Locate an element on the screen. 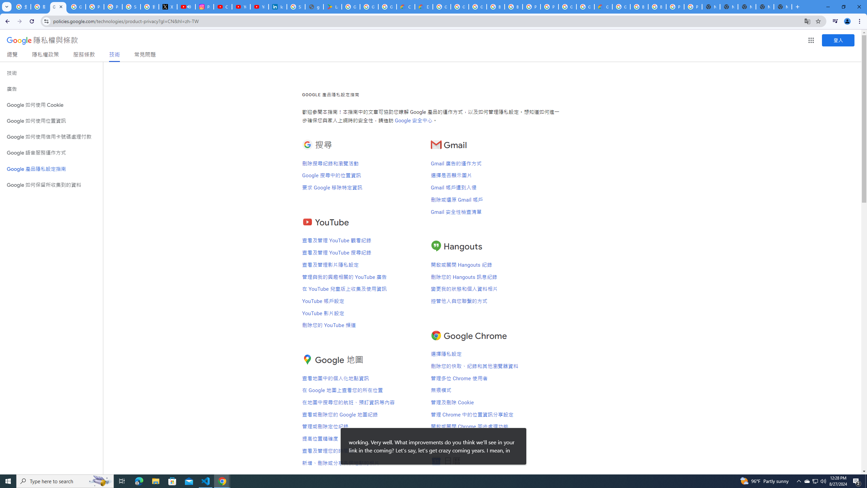 This screenshot has width=867, height=488. 'Translate this page' is located at coordinates (807, 21).